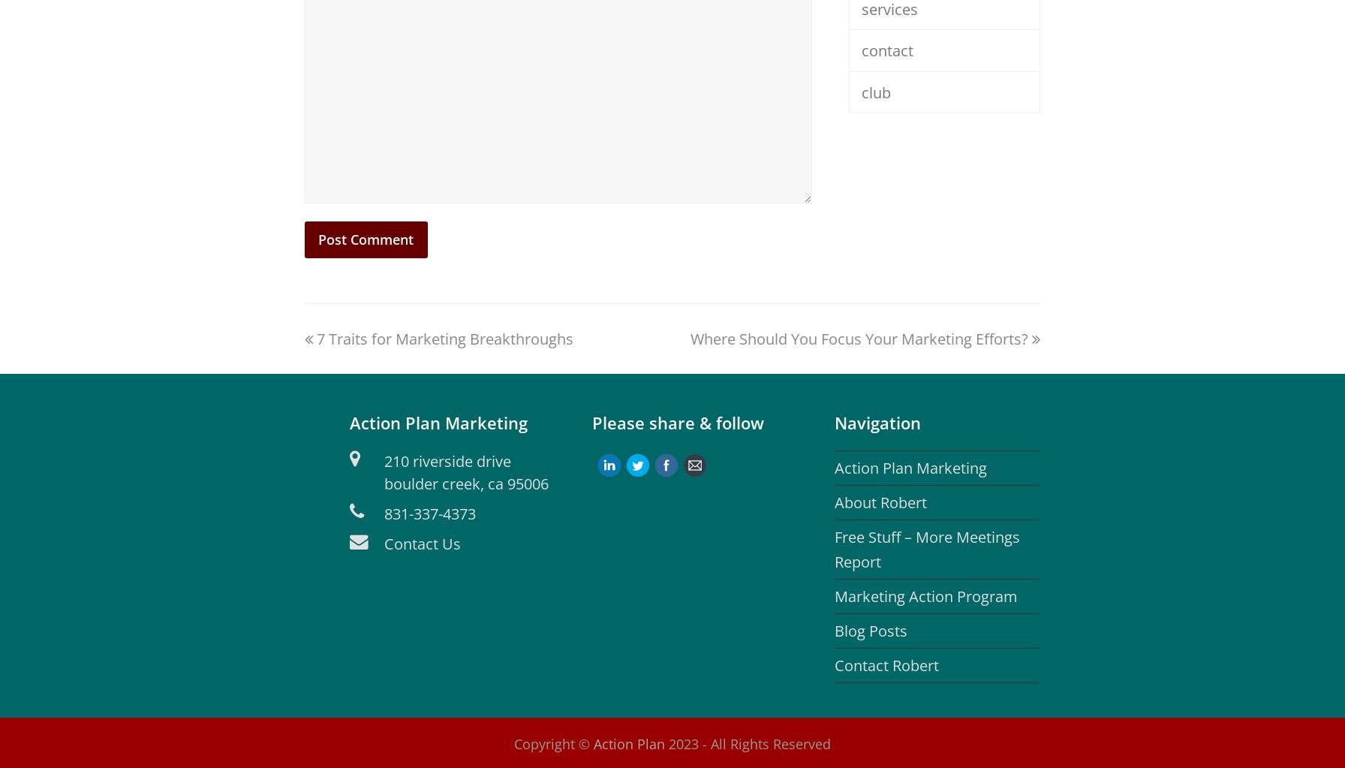 Image resolution: width=1345 pixels, height=768 pixels. I want to click on '2023 - All Rights Reserved', so click(748, 742).